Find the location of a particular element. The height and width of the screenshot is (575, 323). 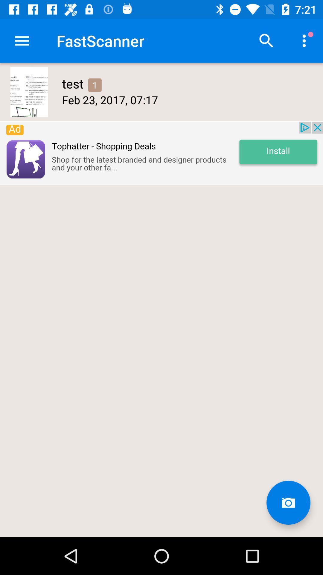

camera option is located at coordinates (288, 503).